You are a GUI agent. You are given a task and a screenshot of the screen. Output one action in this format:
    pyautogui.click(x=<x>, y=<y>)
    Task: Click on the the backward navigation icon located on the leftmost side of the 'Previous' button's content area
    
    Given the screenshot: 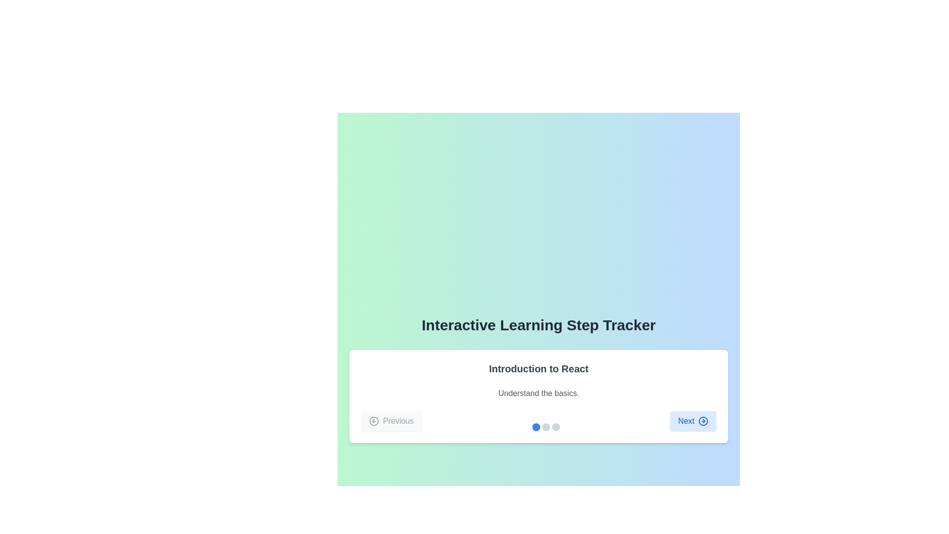 What is the action you would take?
    pyautogui.click(x=374, y=421)
    